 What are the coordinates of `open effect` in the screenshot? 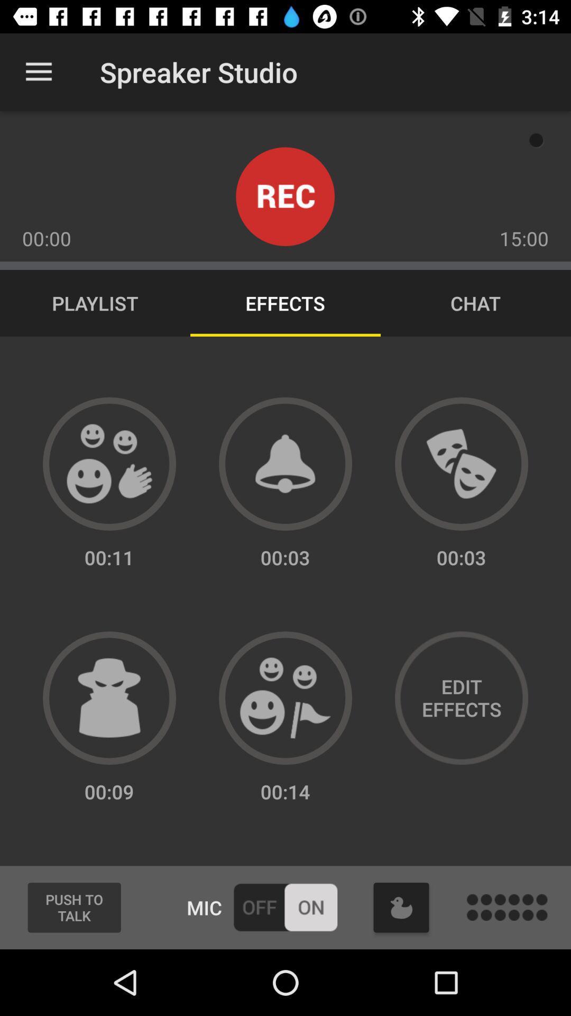 It's located at (285, 698).